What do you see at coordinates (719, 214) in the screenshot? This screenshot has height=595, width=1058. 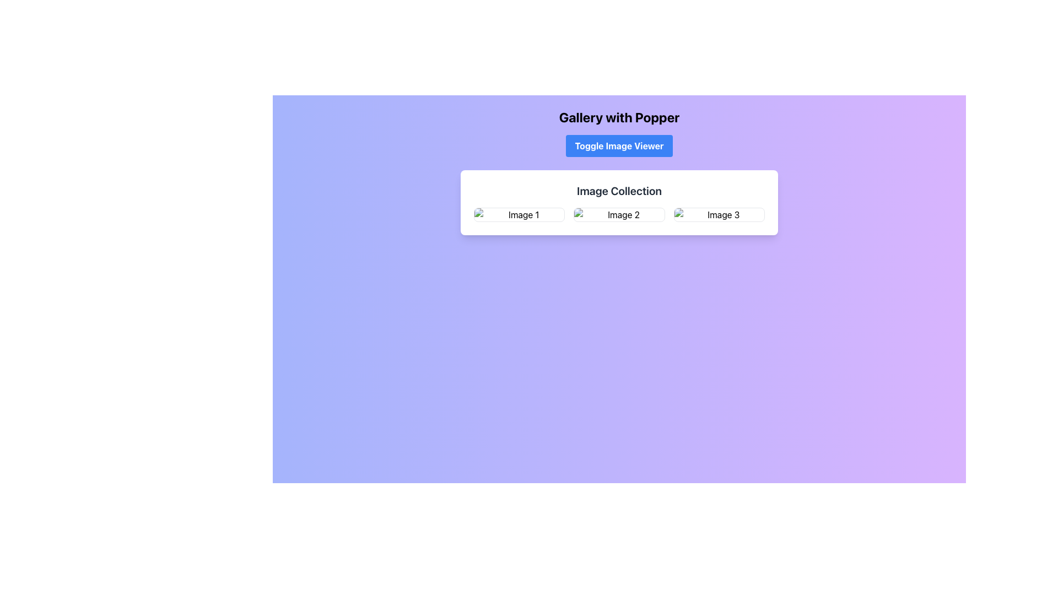 I see `the small image labeled 'Image 3' located in the 'Image Collection' grid layout` at bounding box center [719, 214].